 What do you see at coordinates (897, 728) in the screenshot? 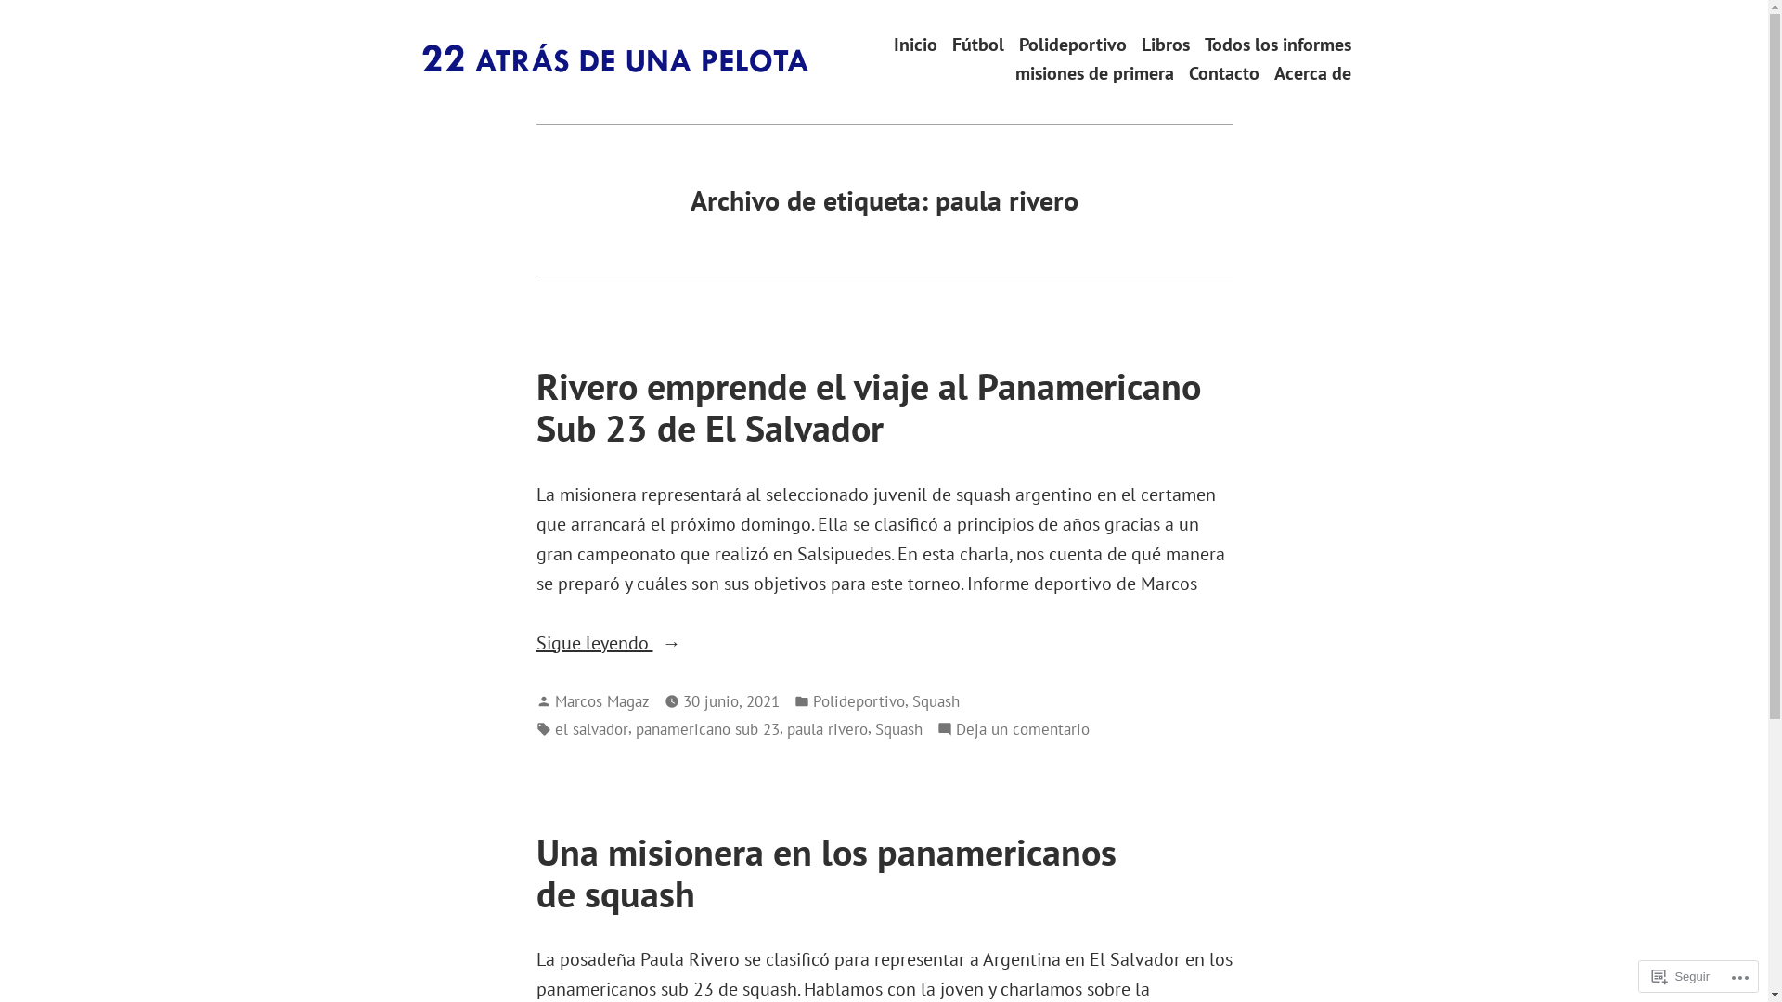
I see `'Squash'` at bounding box center [897, 728].